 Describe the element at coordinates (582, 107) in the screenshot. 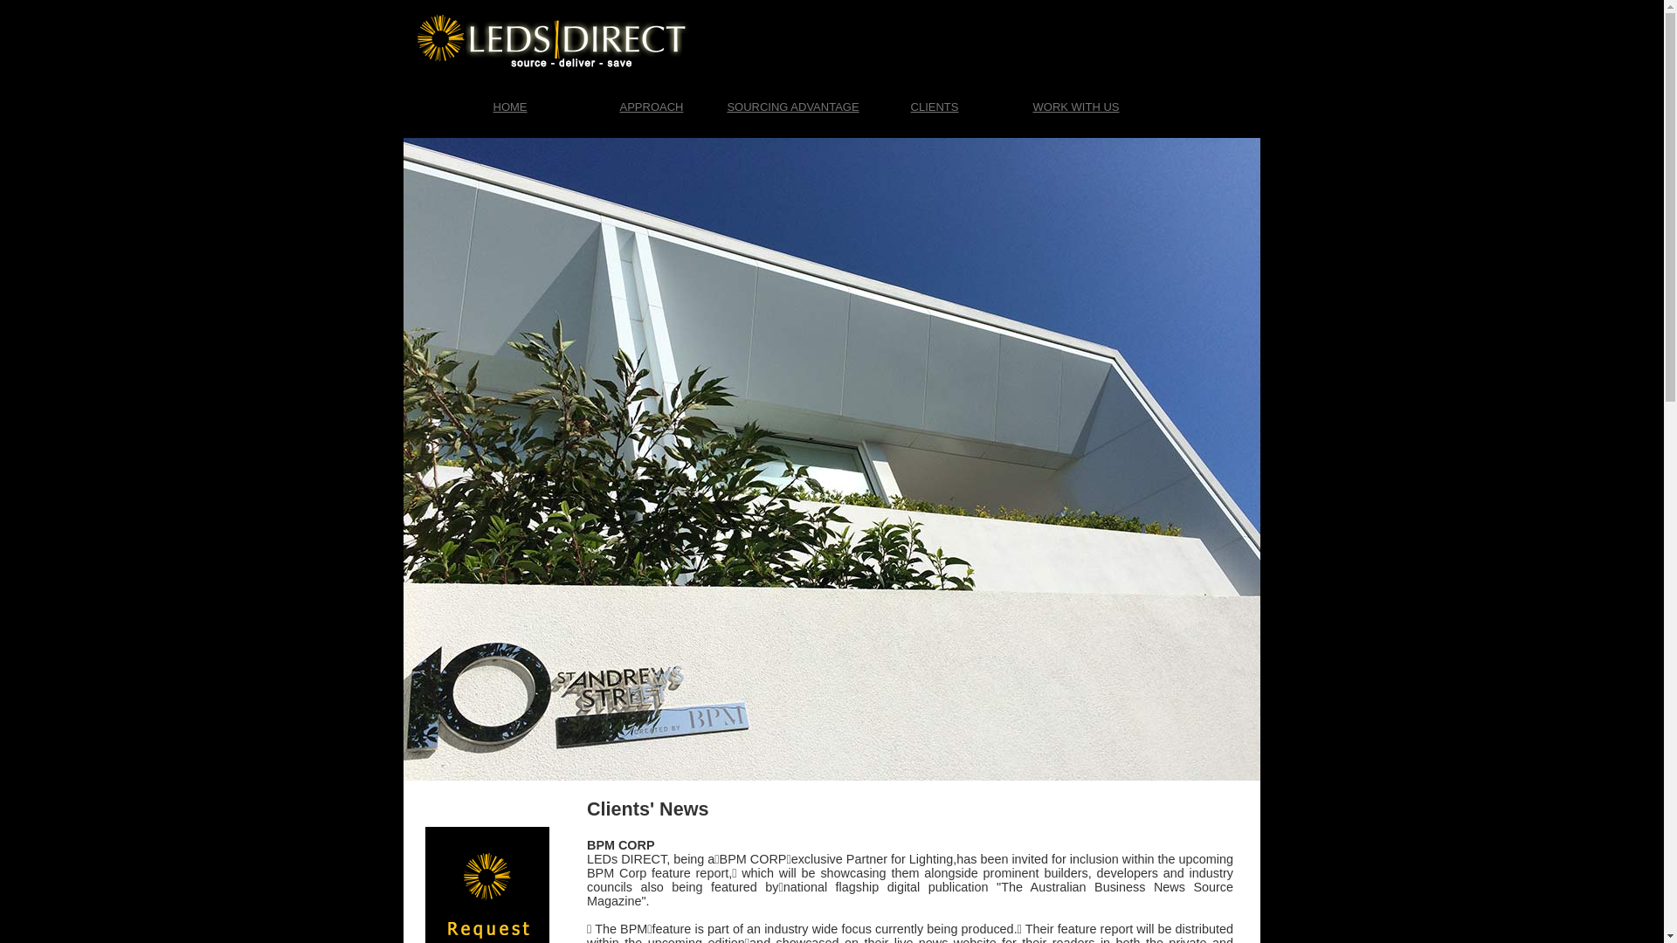

I see `'APPROACH'` at that location.